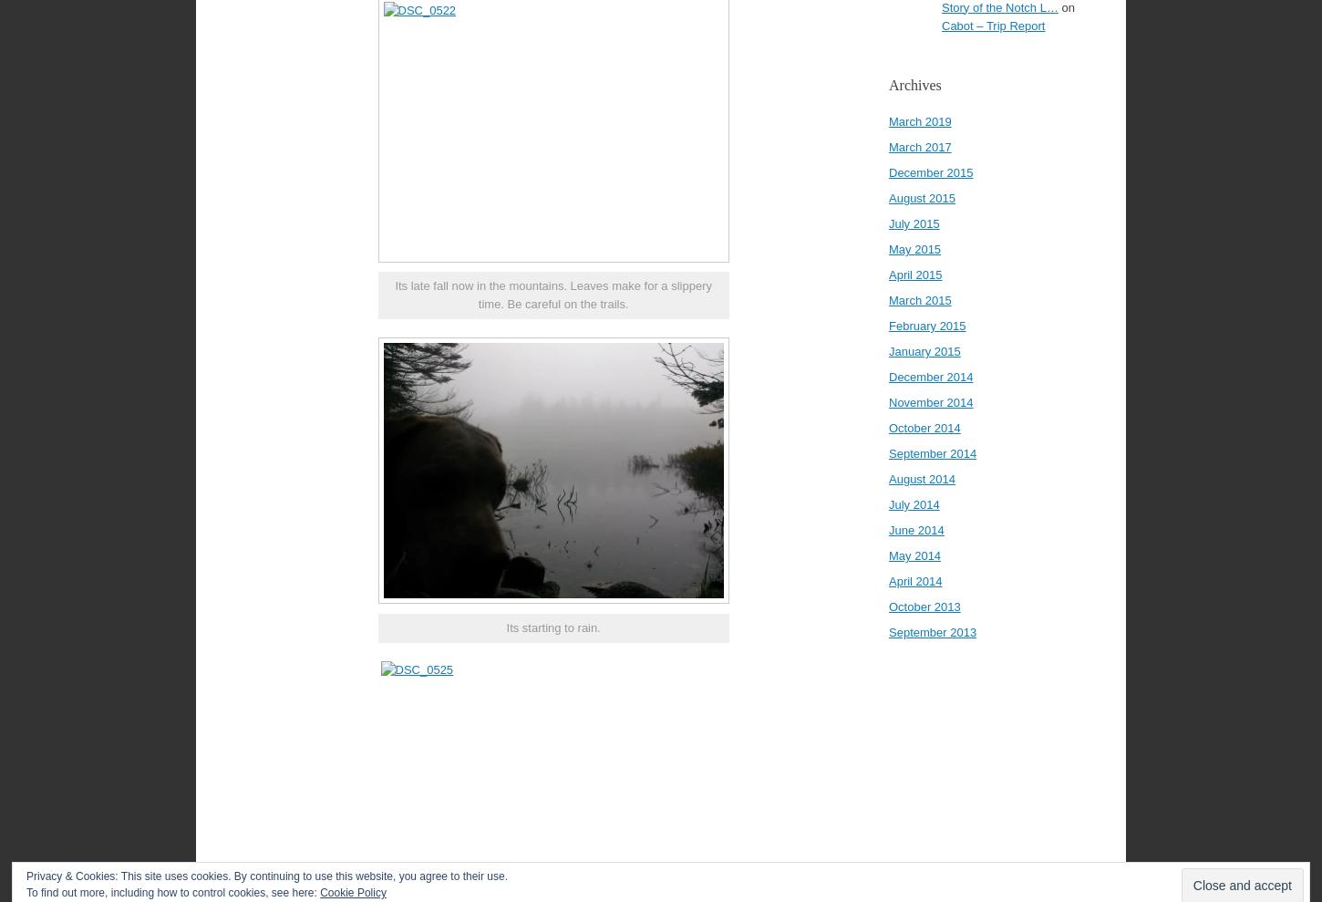 This screenshot has height=902, width=1322. Describe the element at coordinates (924, 427) in the screenshot. I see `'October 2014'` at that location.